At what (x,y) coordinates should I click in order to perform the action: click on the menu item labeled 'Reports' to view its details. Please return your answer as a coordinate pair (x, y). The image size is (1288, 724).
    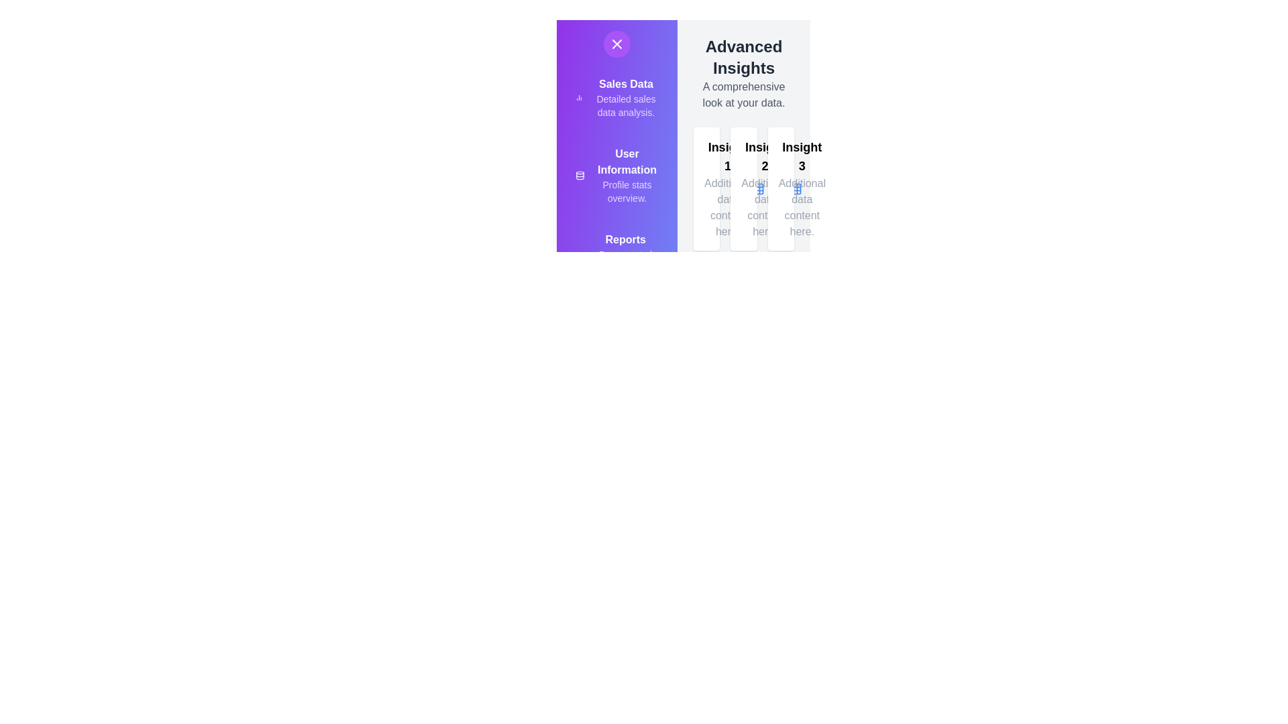
    Looking at the image, I should click on (616, 260).